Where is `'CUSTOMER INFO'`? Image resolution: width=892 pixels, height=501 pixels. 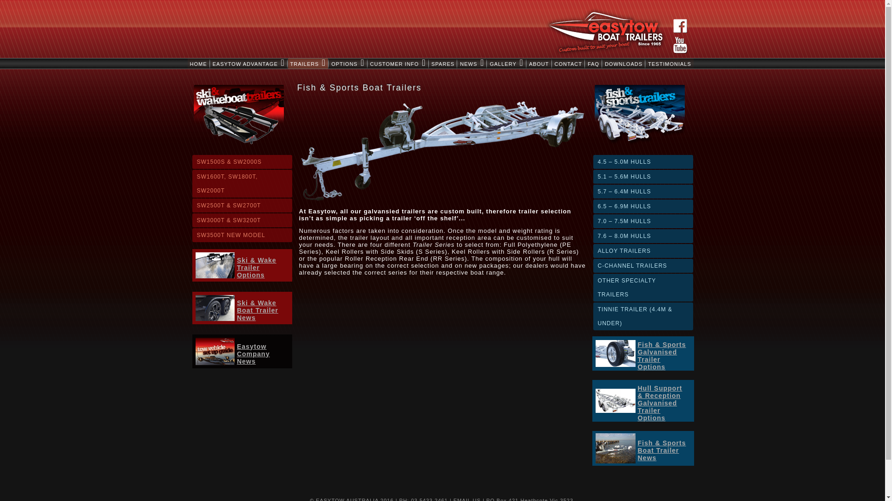
'CUSTOMER INFO' is located at coordinates (398, 63).